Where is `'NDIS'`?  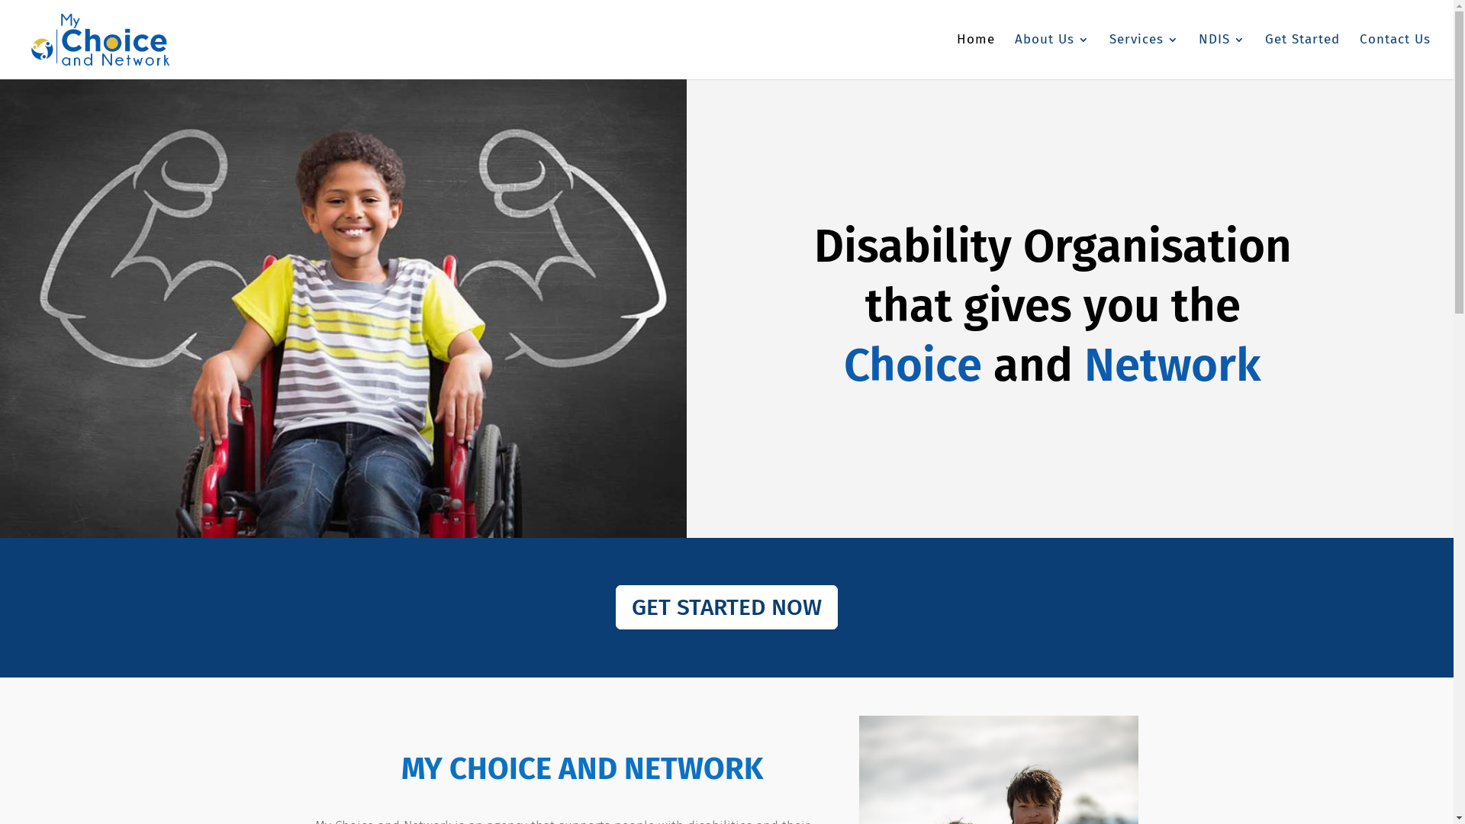 'NDIS' is located at coordinates (1222, 56).